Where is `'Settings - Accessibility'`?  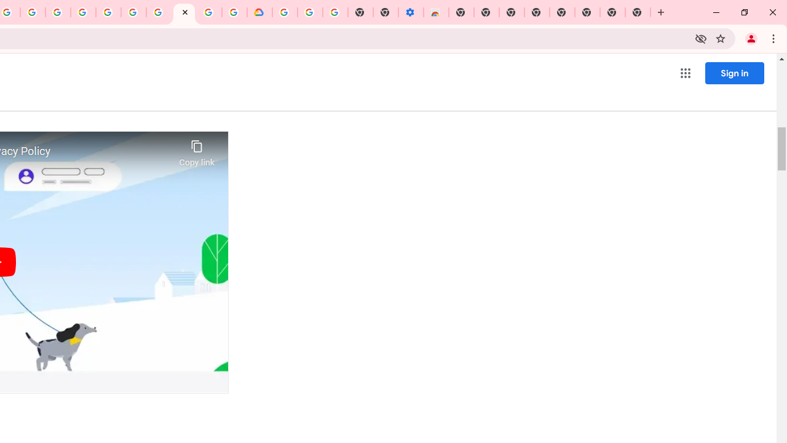 'Settings - Accessibility' is located at coordinates (411, 12).